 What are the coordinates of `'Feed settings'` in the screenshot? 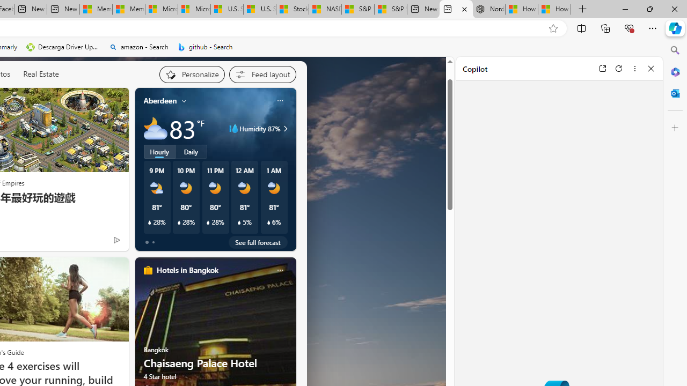 It's located at (262, 73).